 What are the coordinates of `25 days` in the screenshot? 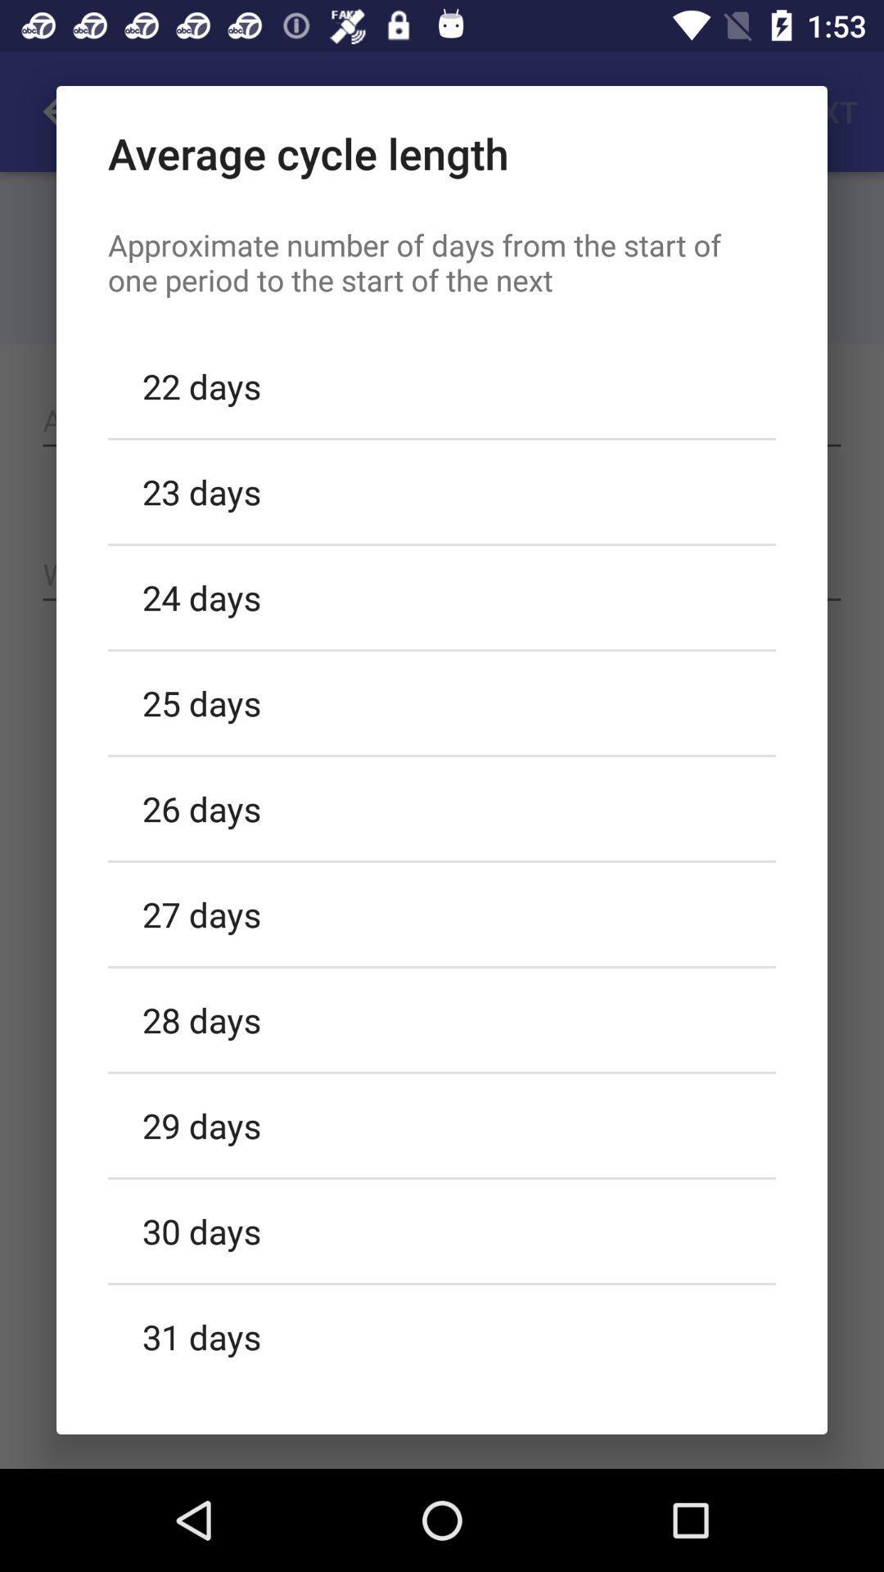 It's located at (442, 702).